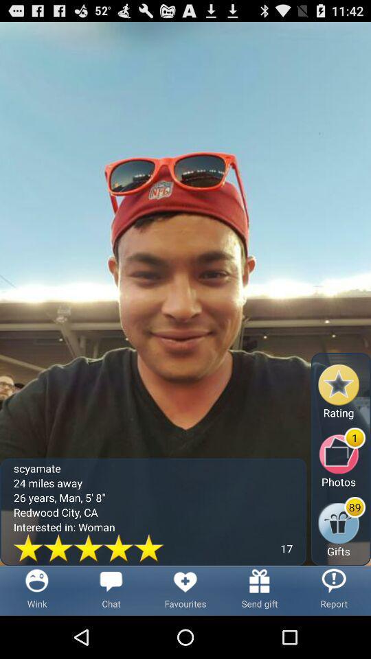 Image resolution: width=371 pixels, height=659 pixels. I want to click on the photos item, so click(341, 458).